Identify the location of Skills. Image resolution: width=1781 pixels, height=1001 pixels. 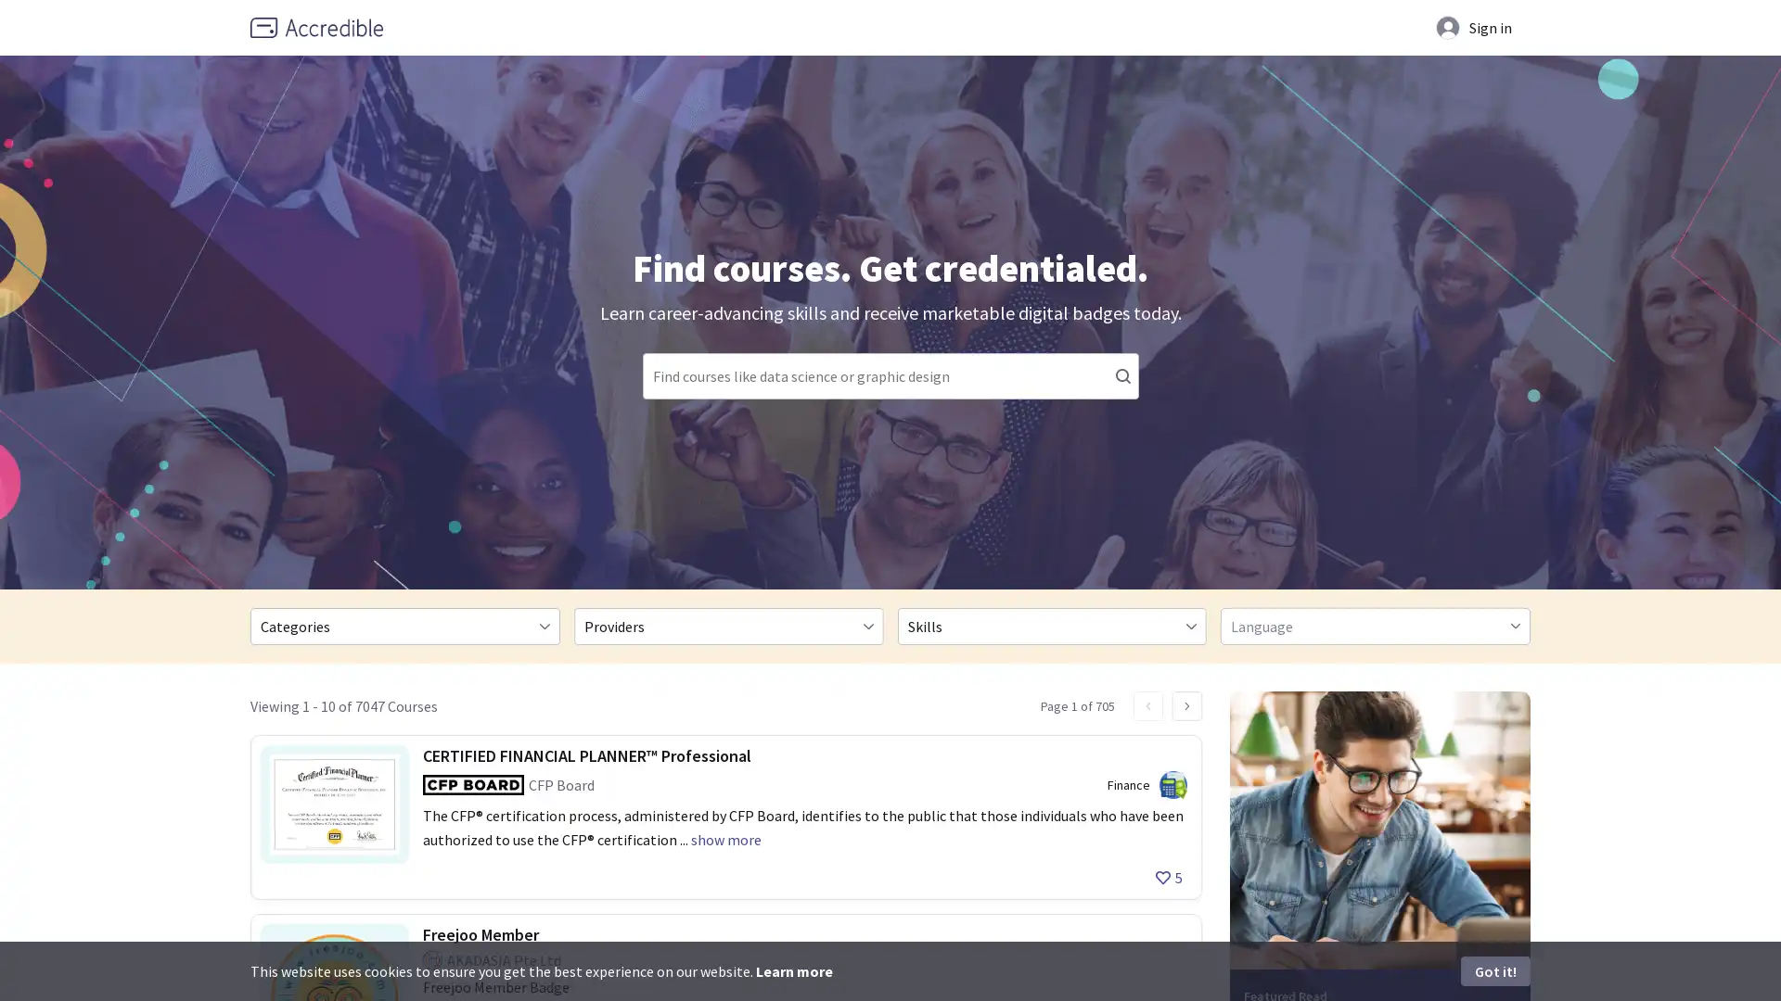
(1051, 626).